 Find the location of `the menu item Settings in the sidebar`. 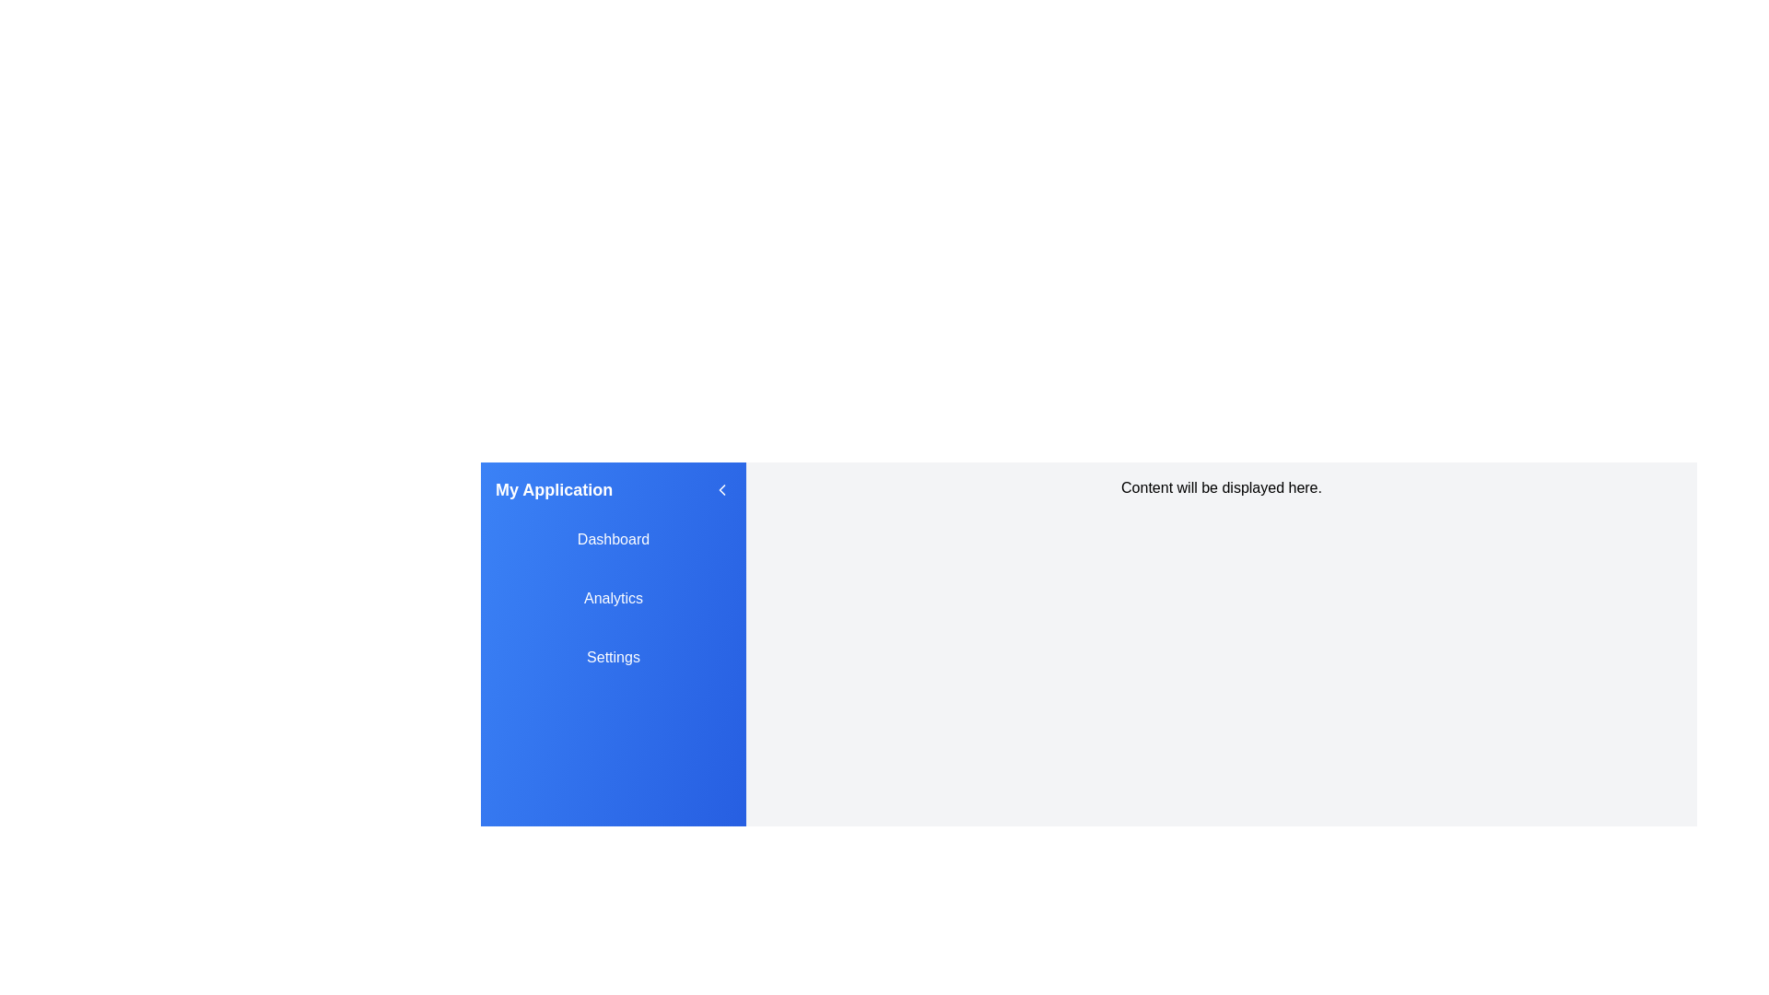

the menu item Settings in the sidebar is located at coordinates (614, 656).